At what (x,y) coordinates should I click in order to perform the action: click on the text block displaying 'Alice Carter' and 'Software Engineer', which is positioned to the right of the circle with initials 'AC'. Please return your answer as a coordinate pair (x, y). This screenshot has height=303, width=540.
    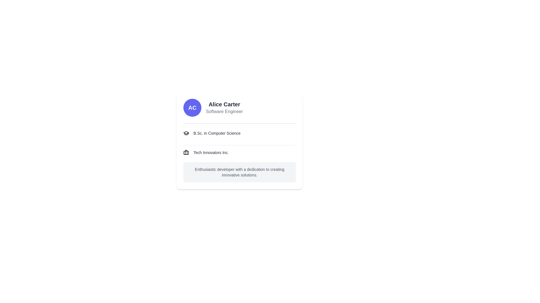
    Looking at the image, I should click on (224, 108).